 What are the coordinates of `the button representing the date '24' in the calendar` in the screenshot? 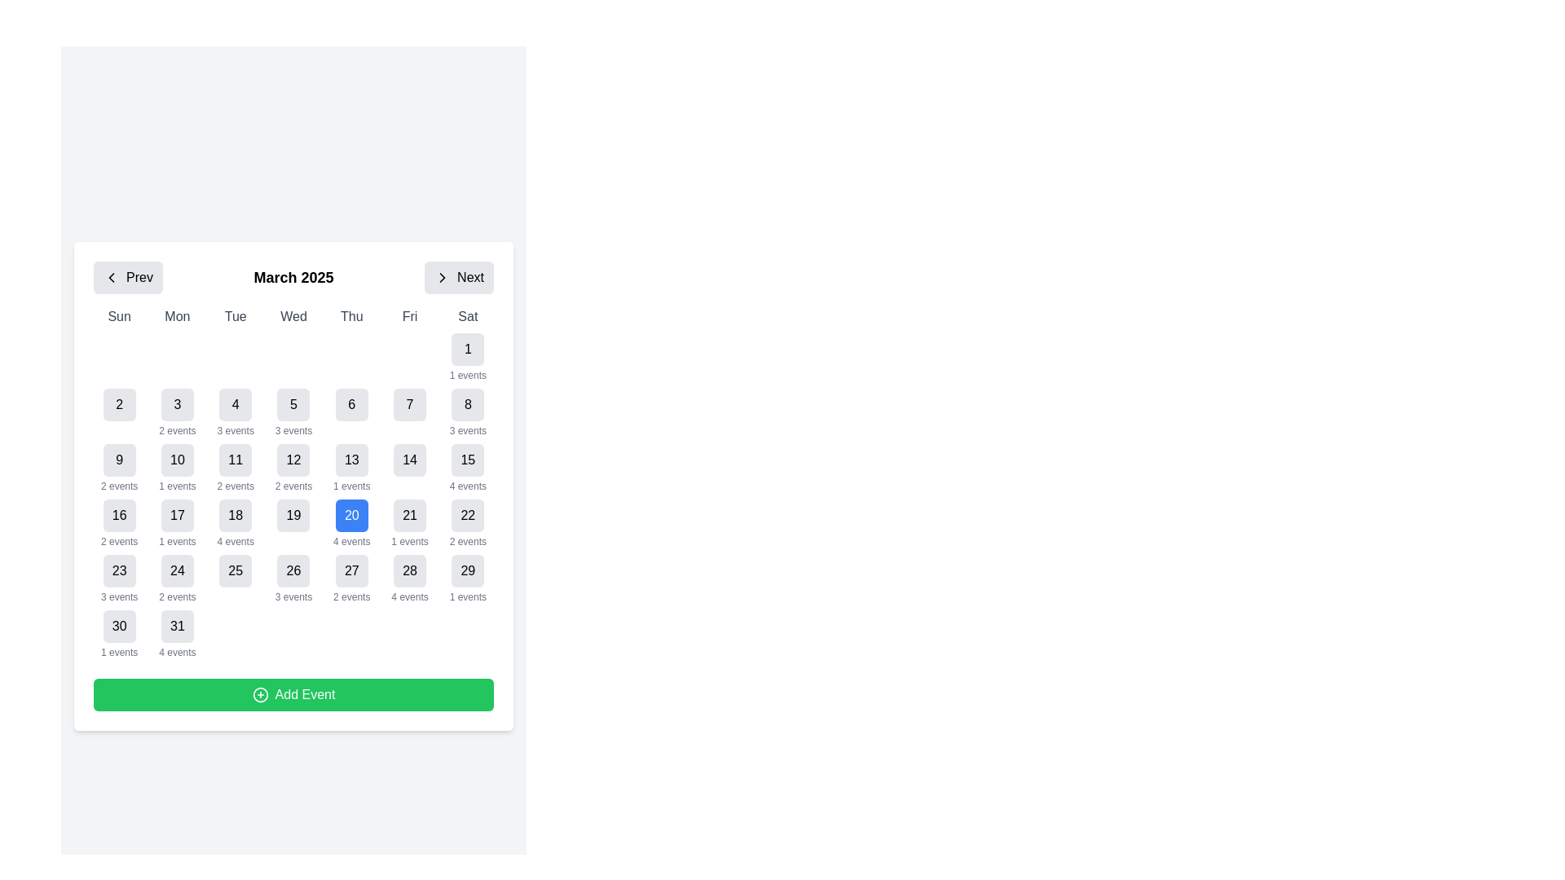 It's located at (177, 570).